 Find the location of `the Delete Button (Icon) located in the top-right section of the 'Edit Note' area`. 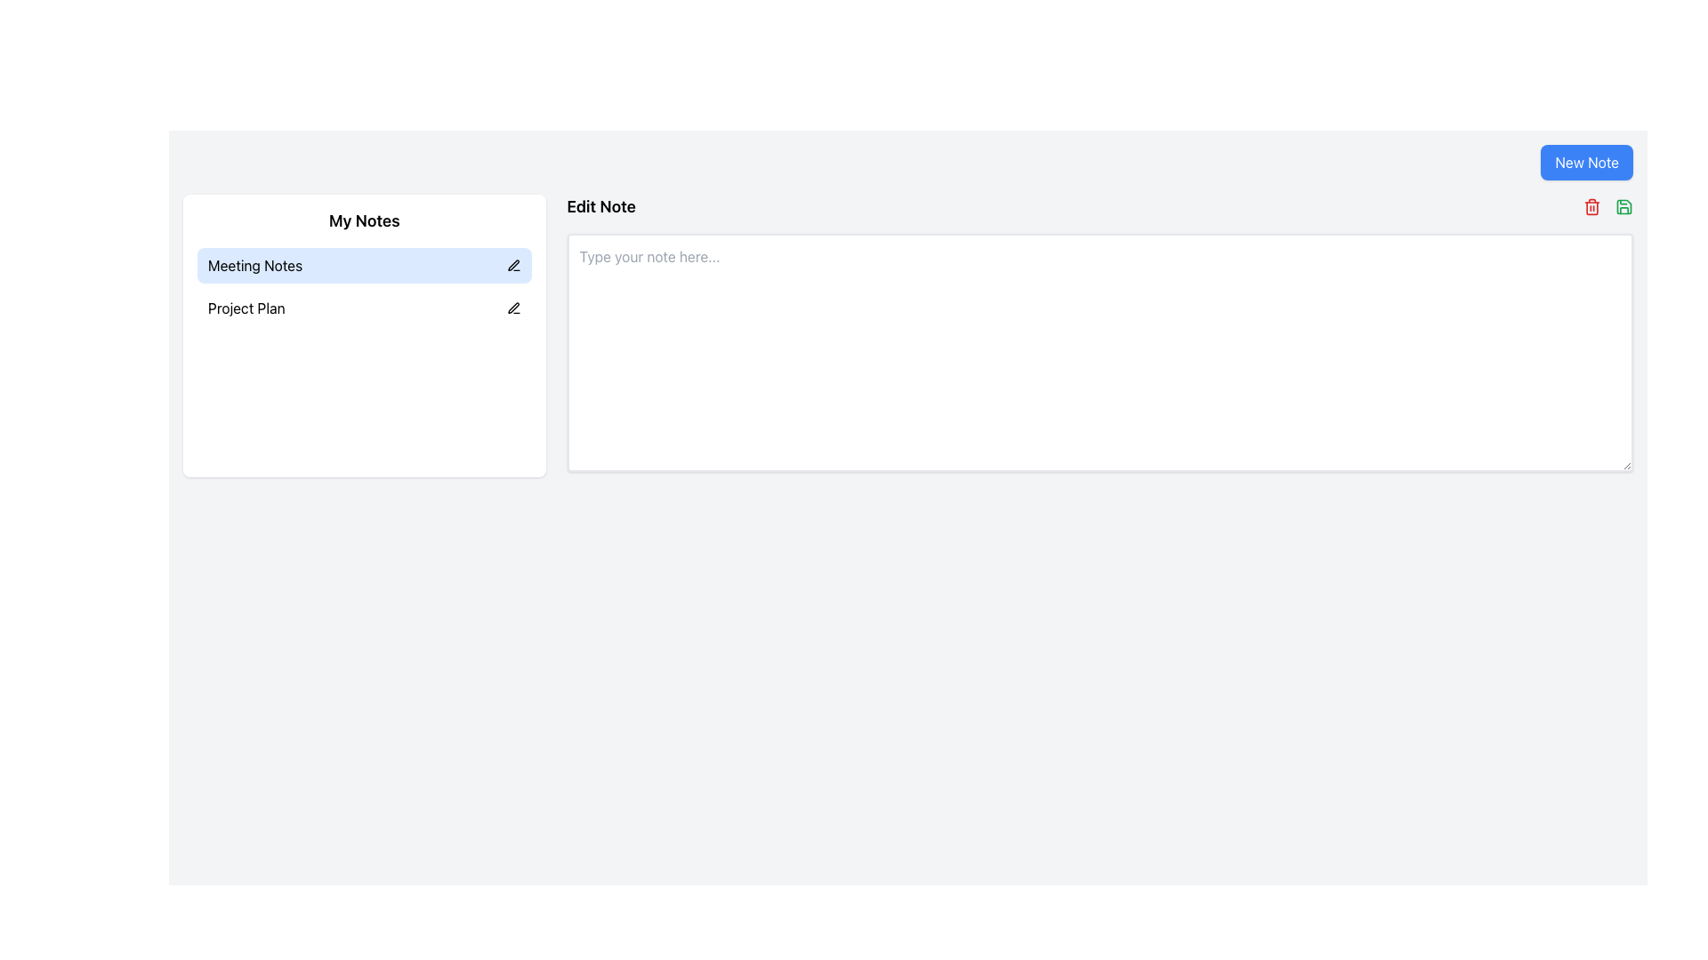

the Delete Button (Icon) located in the top-right section of the 'Edit Note' area is located at coordinates (1592, 205).